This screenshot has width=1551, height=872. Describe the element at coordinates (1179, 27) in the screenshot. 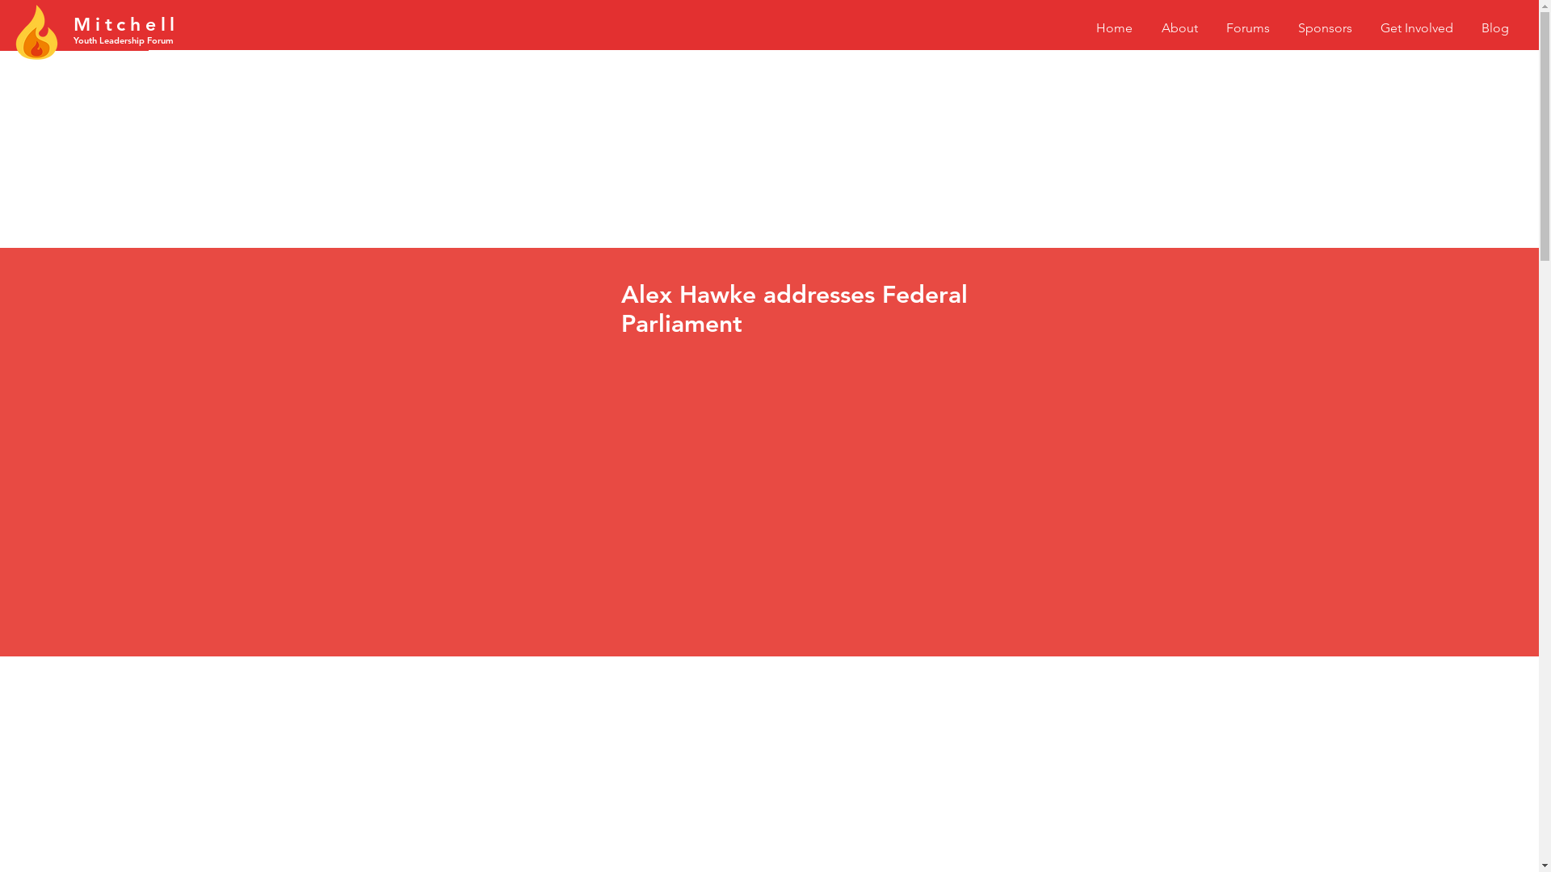

I see `'About'` at that location.